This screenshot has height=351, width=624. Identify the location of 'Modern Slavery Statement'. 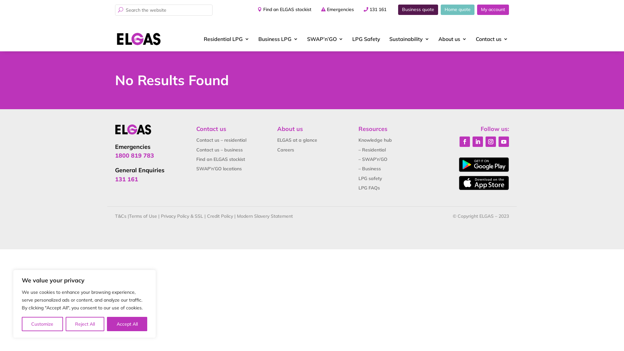
(265, 216).